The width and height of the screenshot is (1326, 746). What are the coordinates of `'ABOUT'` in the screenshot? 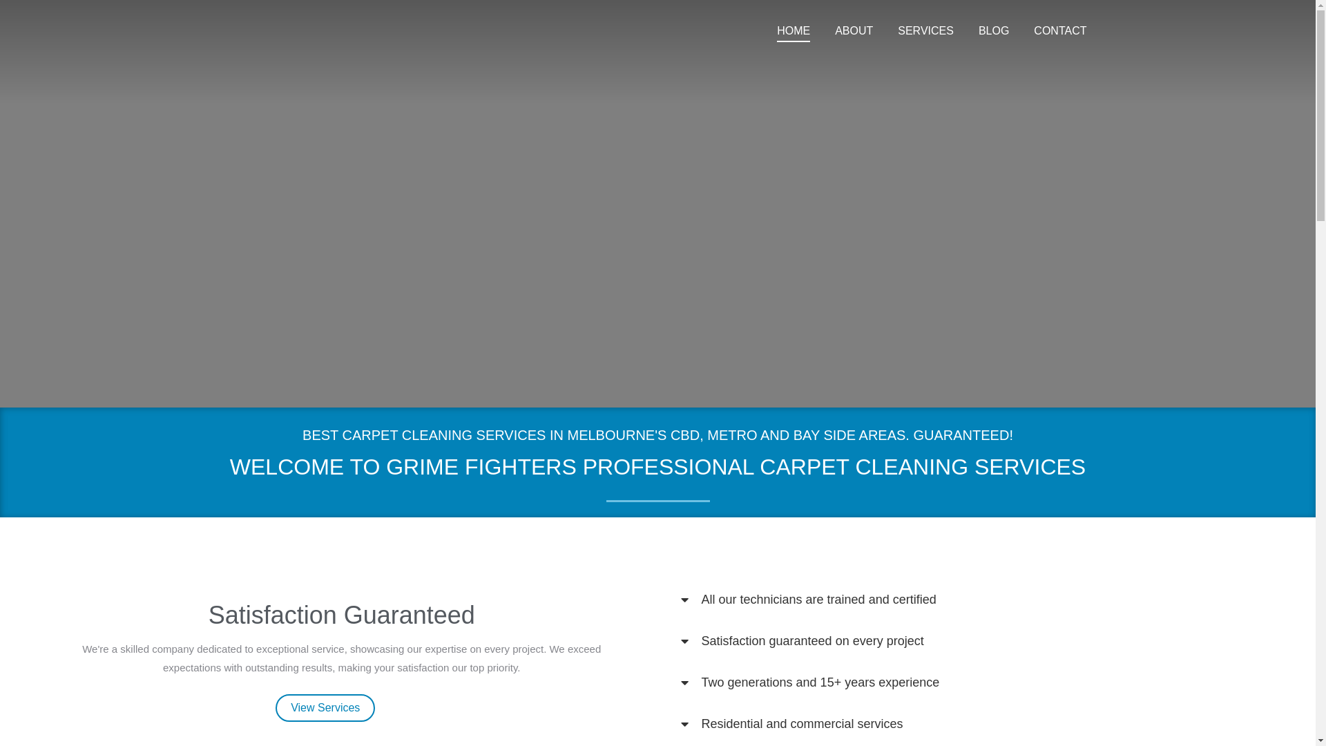 It's located at (853, 31).